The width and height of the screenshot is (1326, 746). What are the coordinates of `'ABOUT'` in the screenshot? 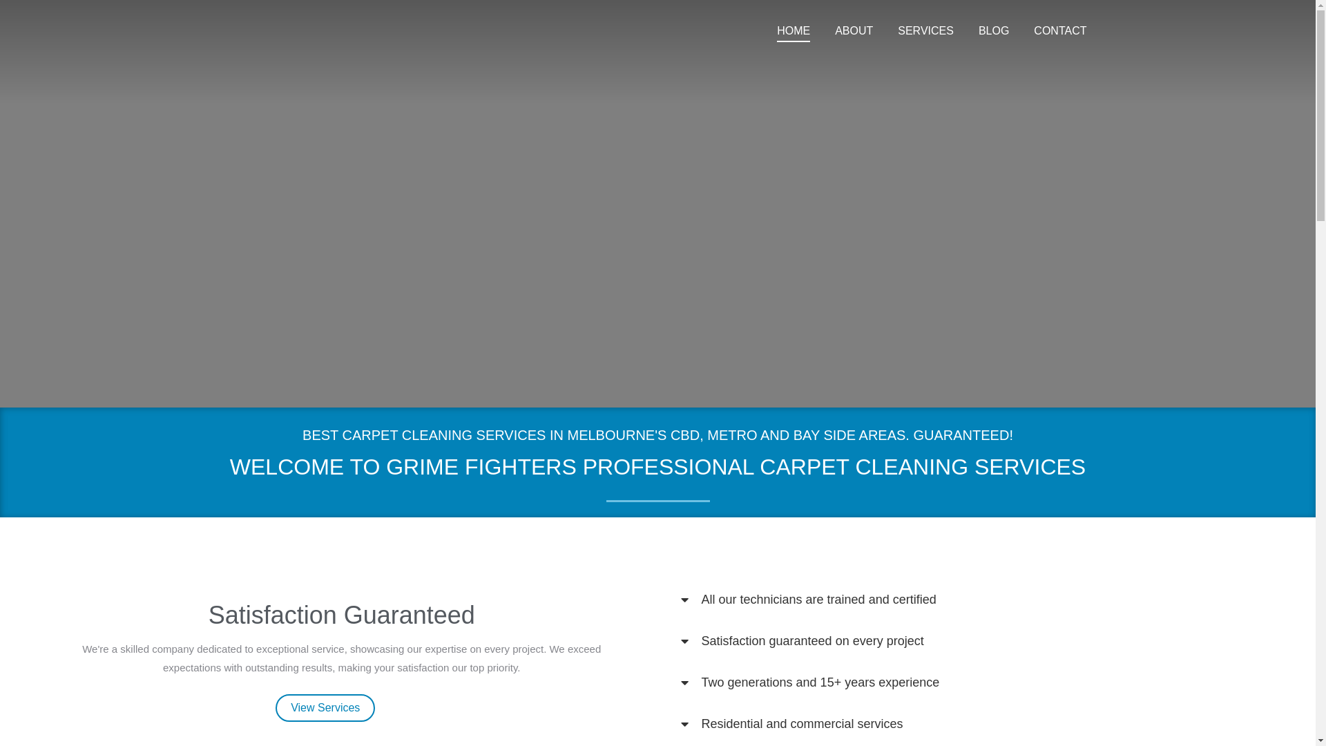 It's located at (853, 31).